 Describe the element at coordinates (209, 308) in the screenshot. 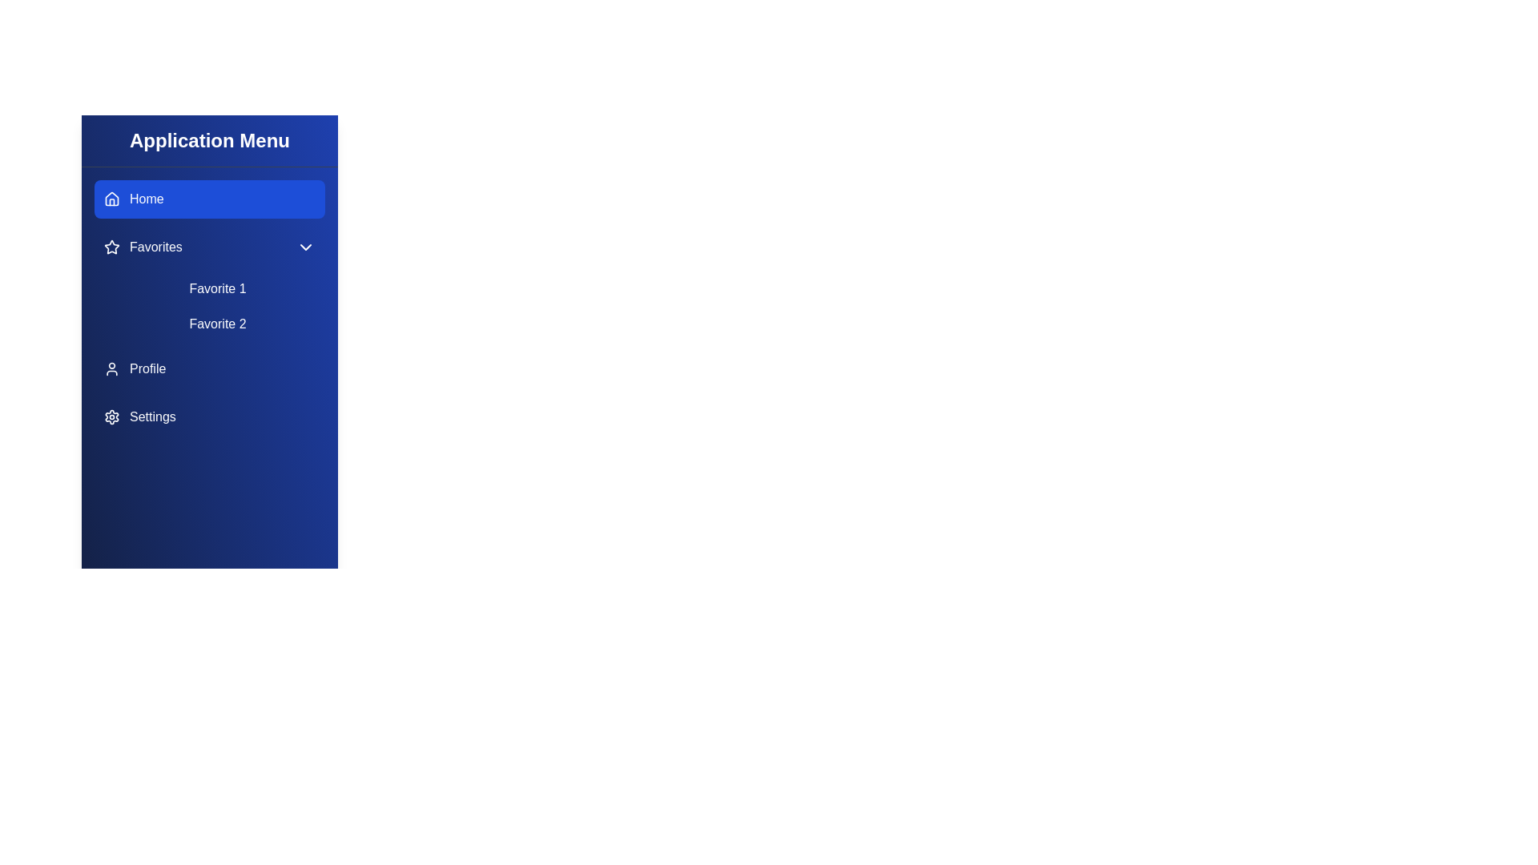

I see `the second item in the List menu containing submenus to trigger potential hover effects` at that location.